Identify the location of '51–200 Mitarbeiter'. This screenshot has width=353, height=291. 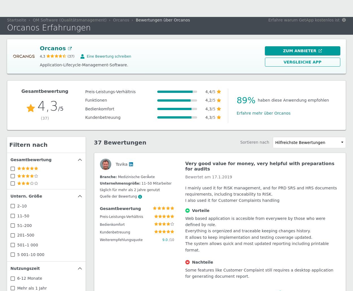
(157, 263).